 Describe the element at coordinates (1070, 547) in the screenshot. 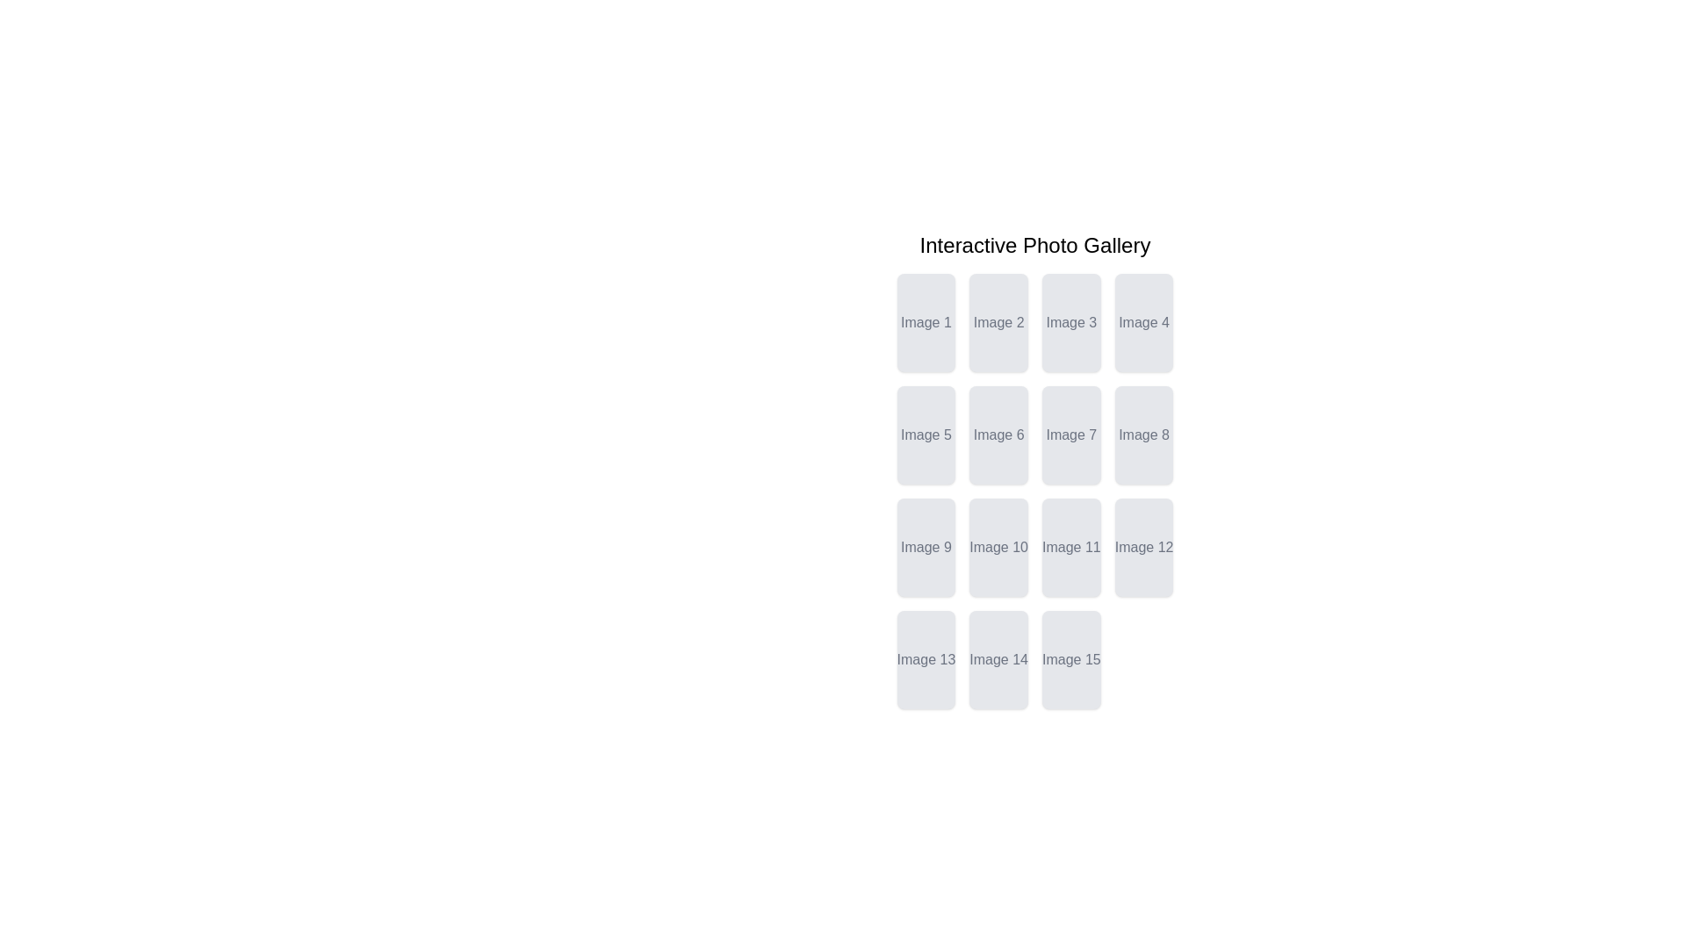

I see `the Interactive card labeled 'Image 11', which has a light gray background and is` at that location.